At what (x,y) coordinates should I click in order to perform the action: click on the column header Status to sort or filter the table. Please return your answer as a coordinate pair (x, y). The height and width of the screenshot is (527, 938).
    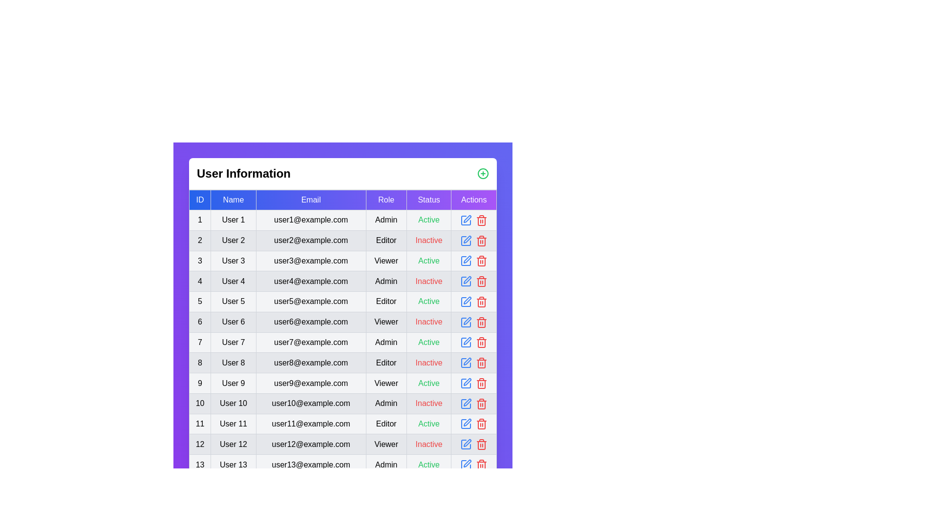
    Looking at the image, I should click on (429, 199).